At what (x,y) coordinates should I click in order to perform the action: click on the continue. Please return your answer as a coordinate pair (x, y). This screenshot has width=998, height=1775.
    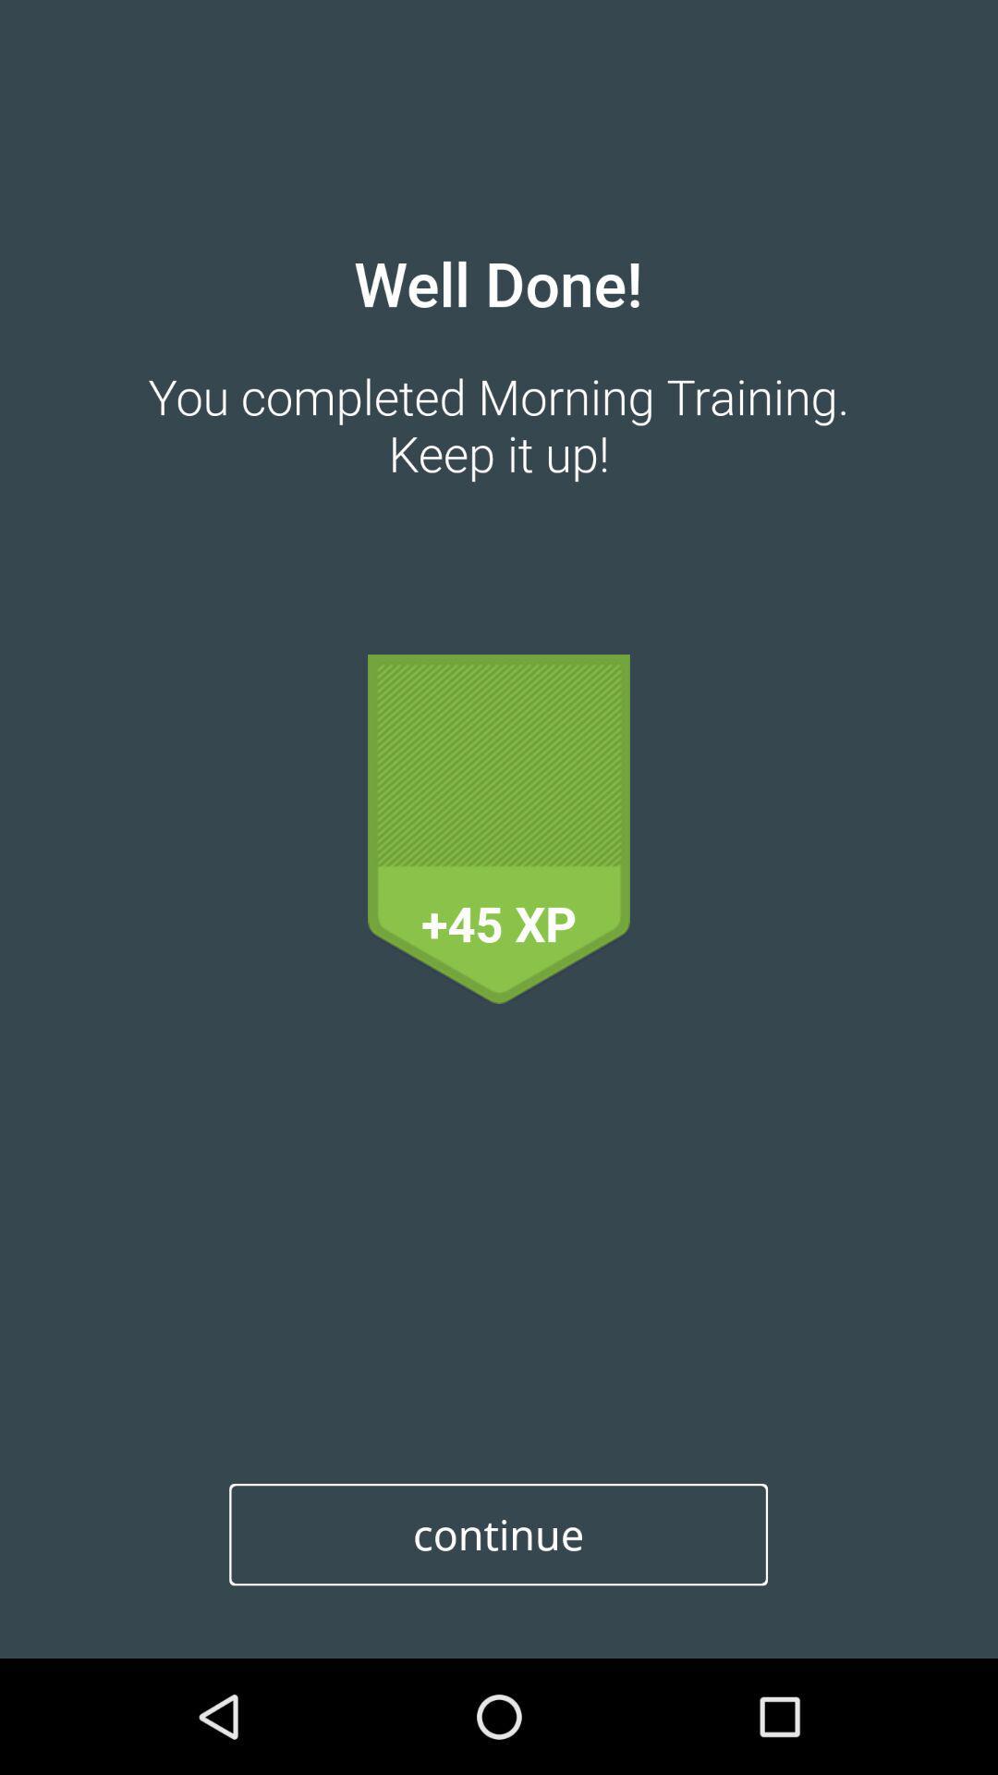
    Looking at the image, I should click on (497, 1535).